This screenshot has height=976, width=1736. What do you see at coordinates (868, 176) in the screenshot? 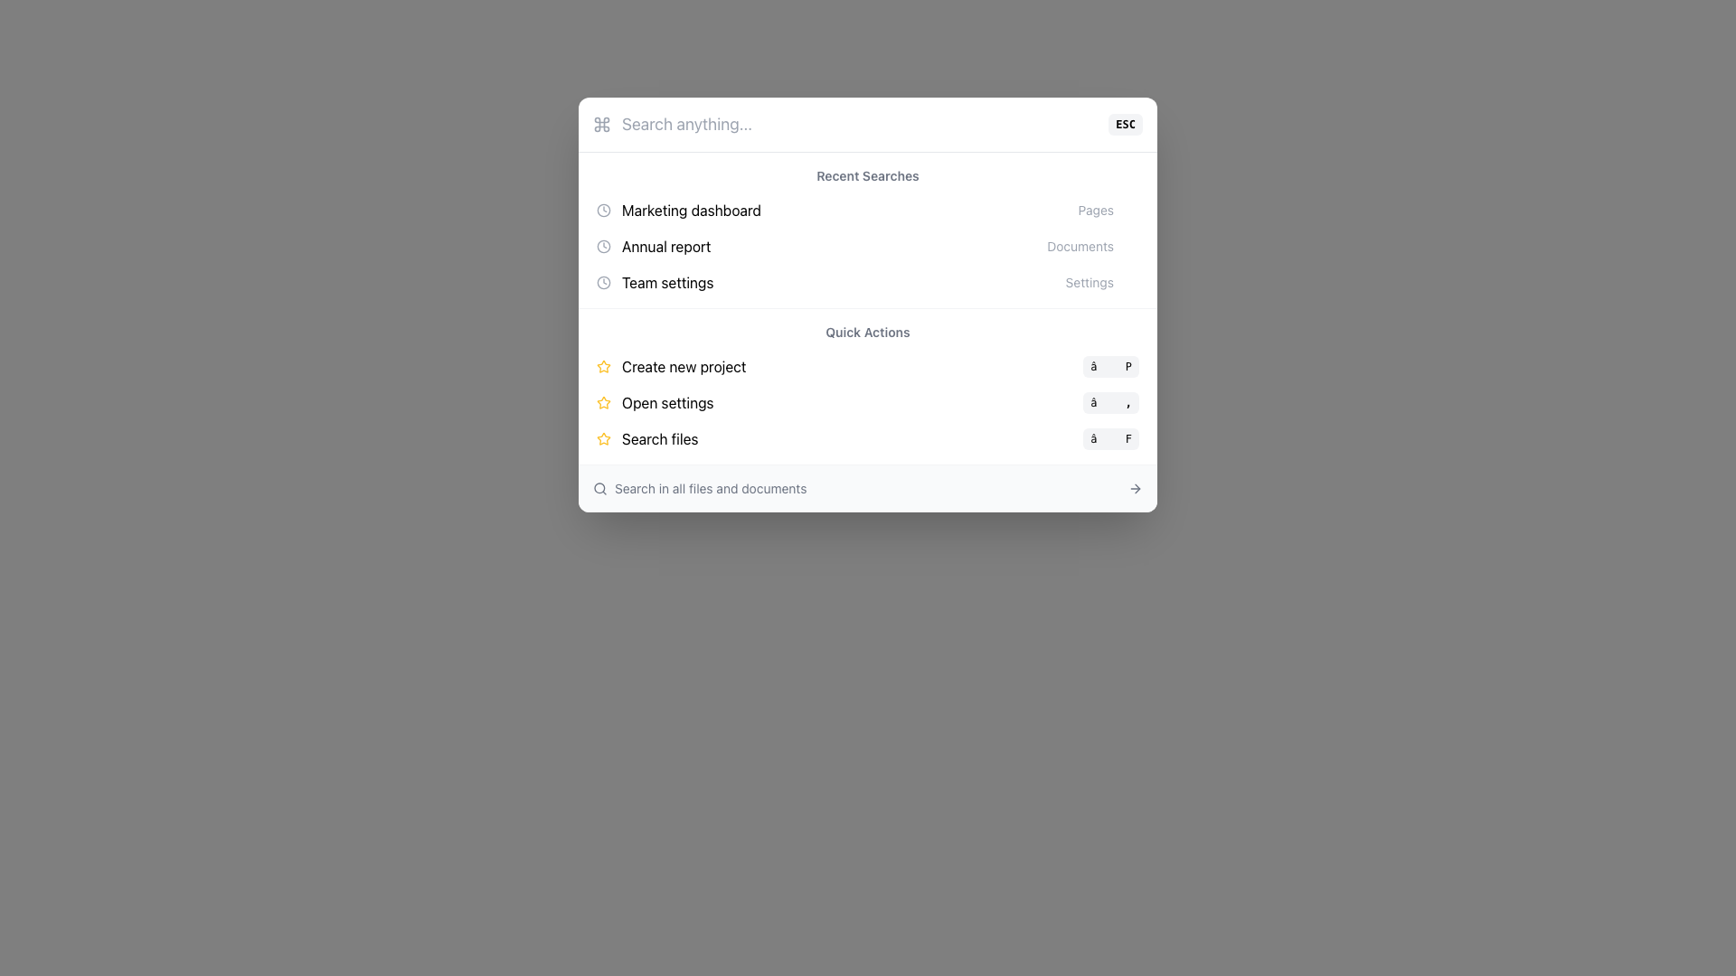
I see `the Text label that serves as a header for recent searches, located directly below the search input area in the modal window interface` at bounding box center [868, 176].